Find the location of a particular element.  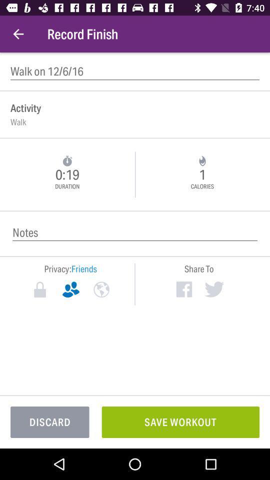

share to twitter is located at coordinates (213, 289).